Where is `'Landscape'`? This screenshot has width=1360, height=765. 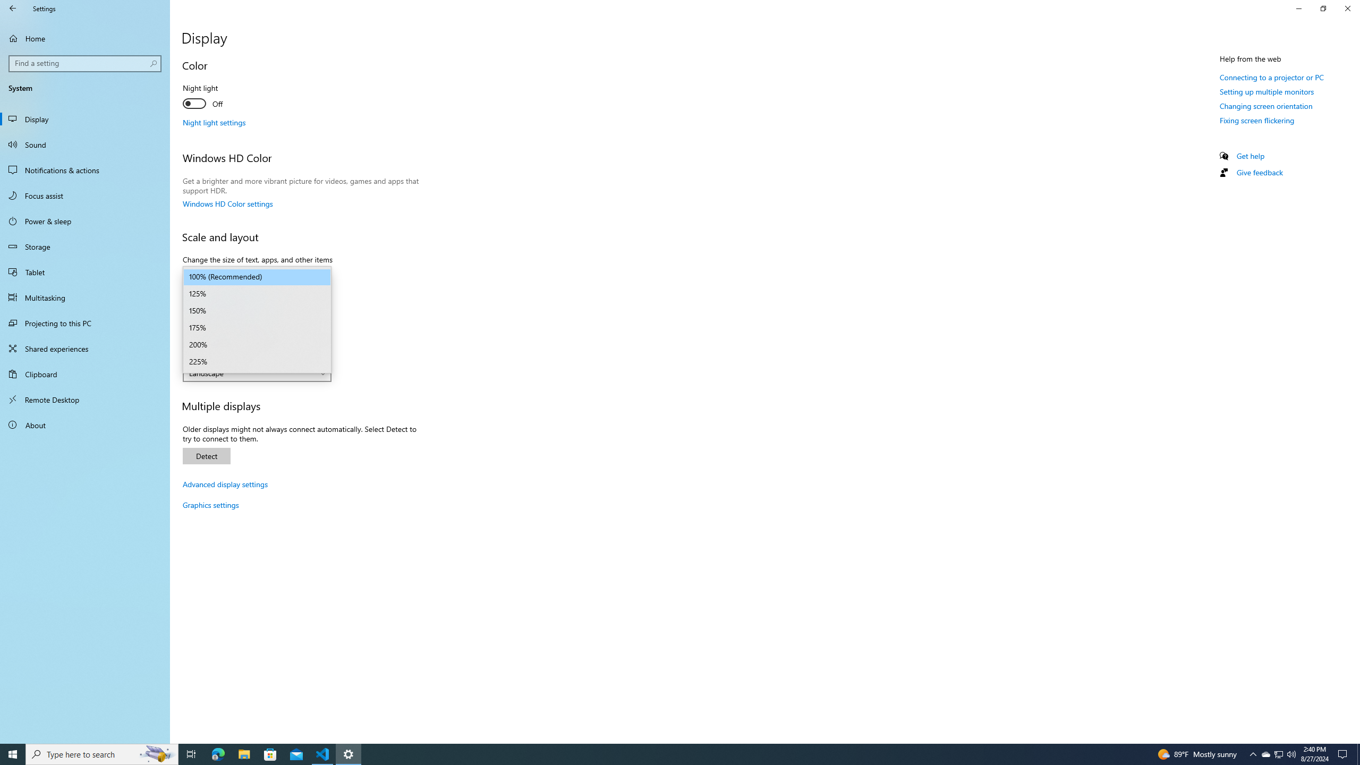
'Landscape' is located at coordinates (251, 372).